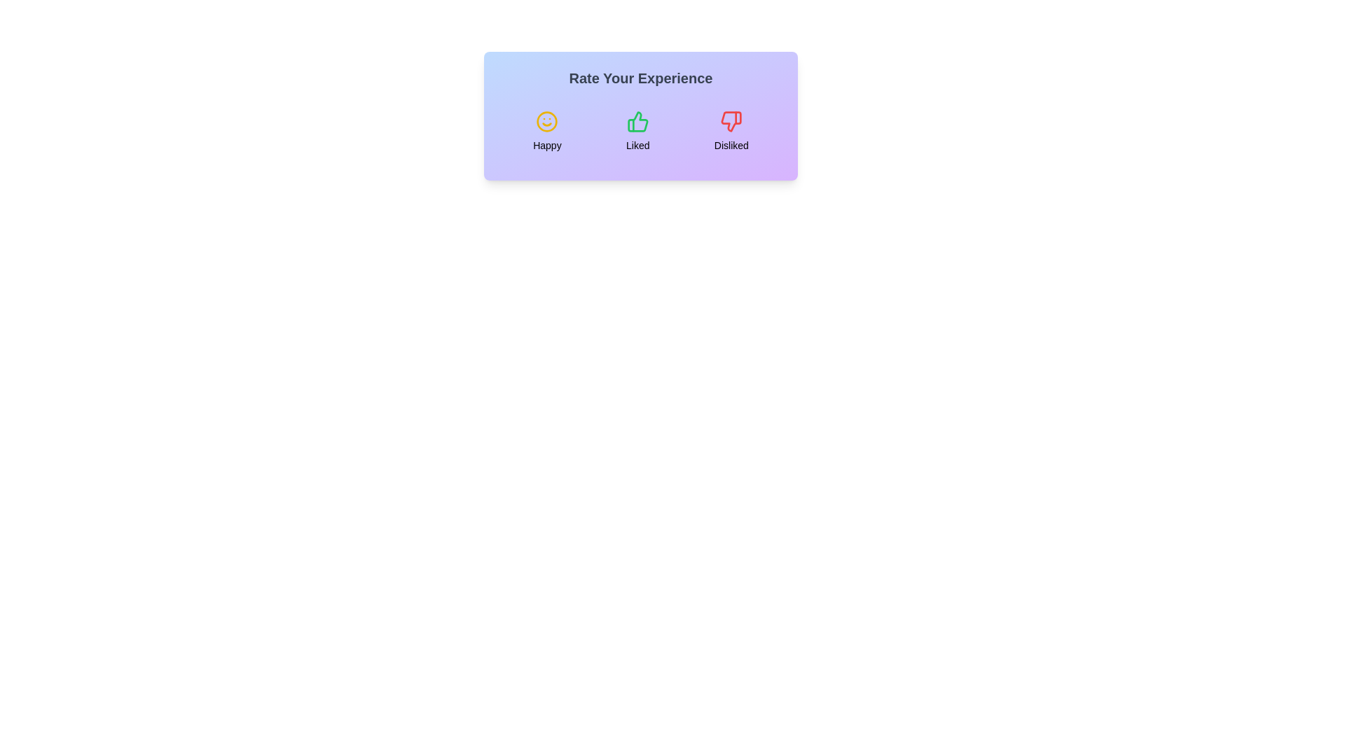  Describe the element at coordinates (546, 146) in the screenshot. I see `'Happy' text label located to the leftmost side of a horizontally aligned group of text labels, which also includes 'Liked' and 'Disliked'` at that location.